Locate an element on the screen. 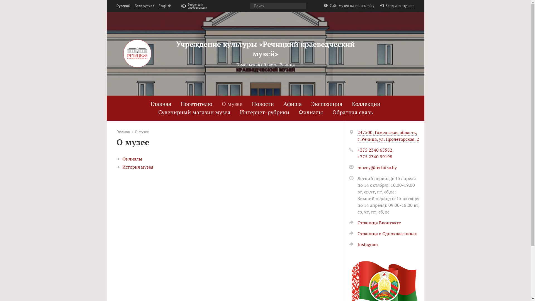  'muzey@rechitsa.by' is located at coordinates (357, 167).